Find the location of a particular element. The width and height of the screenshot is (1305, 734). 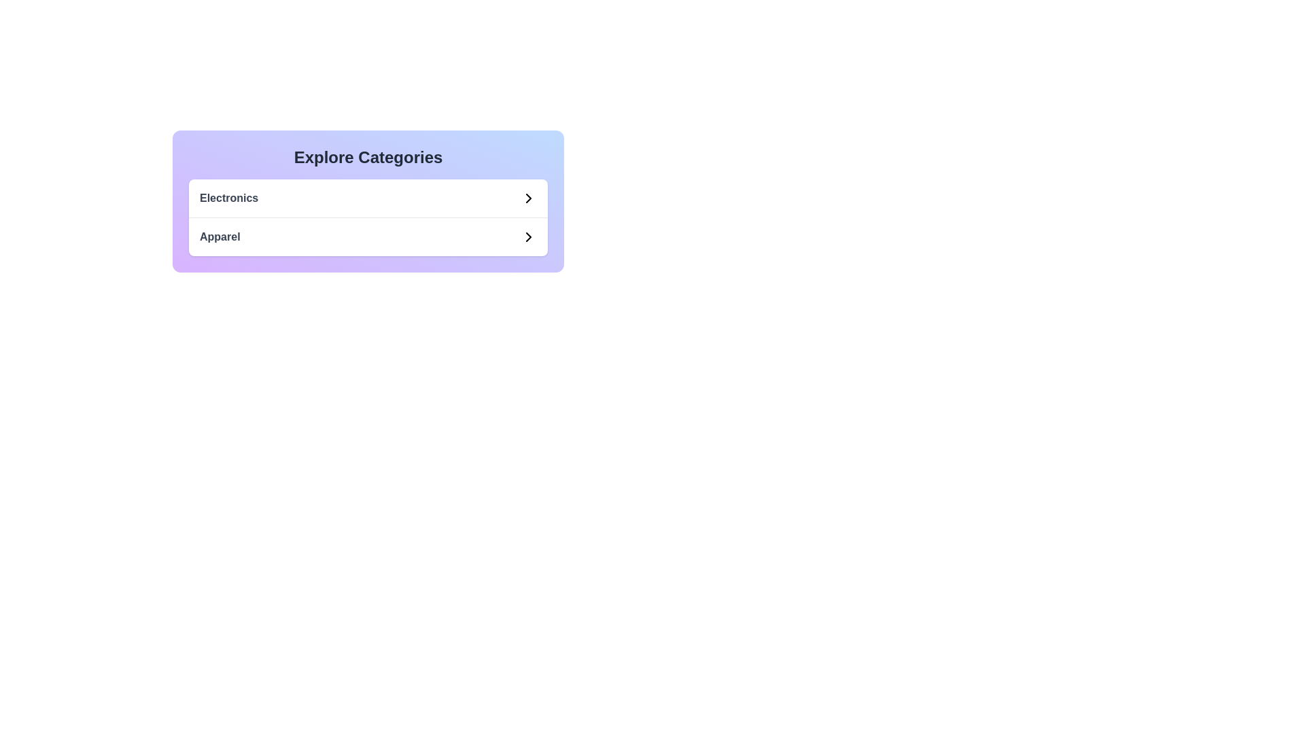

the chevron-right indicator icon located at the far-right end of the 'Apparel' list item in the 'Explore Categories' panel is located at coordinates (527, 236).